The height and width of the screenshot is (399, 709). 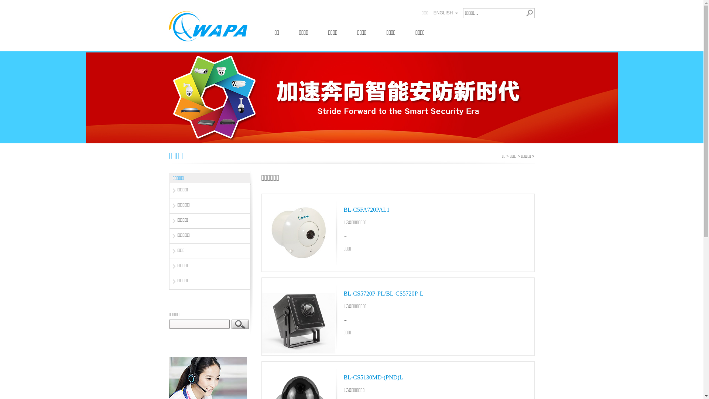 I want to click on 'ENGLISH', so click(x=443, y=13).